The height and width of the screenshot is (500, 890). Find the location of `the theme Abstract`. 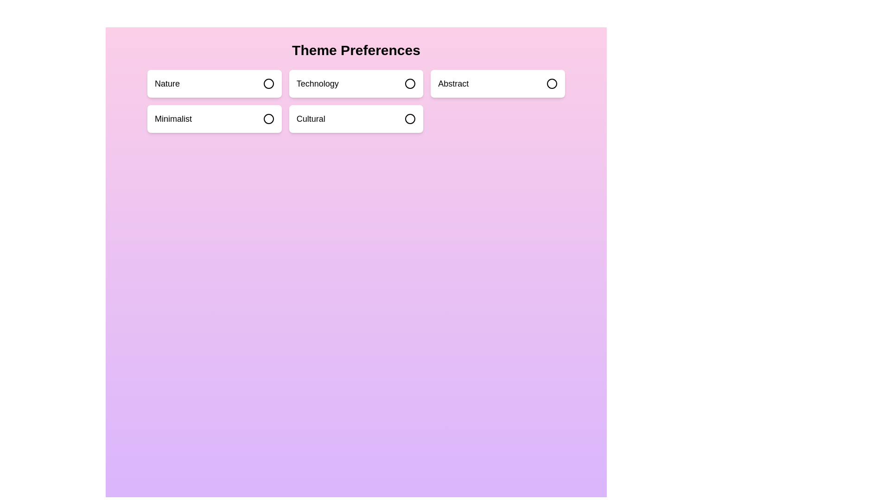

the theme Abstract is located at coordinates (497, 84).